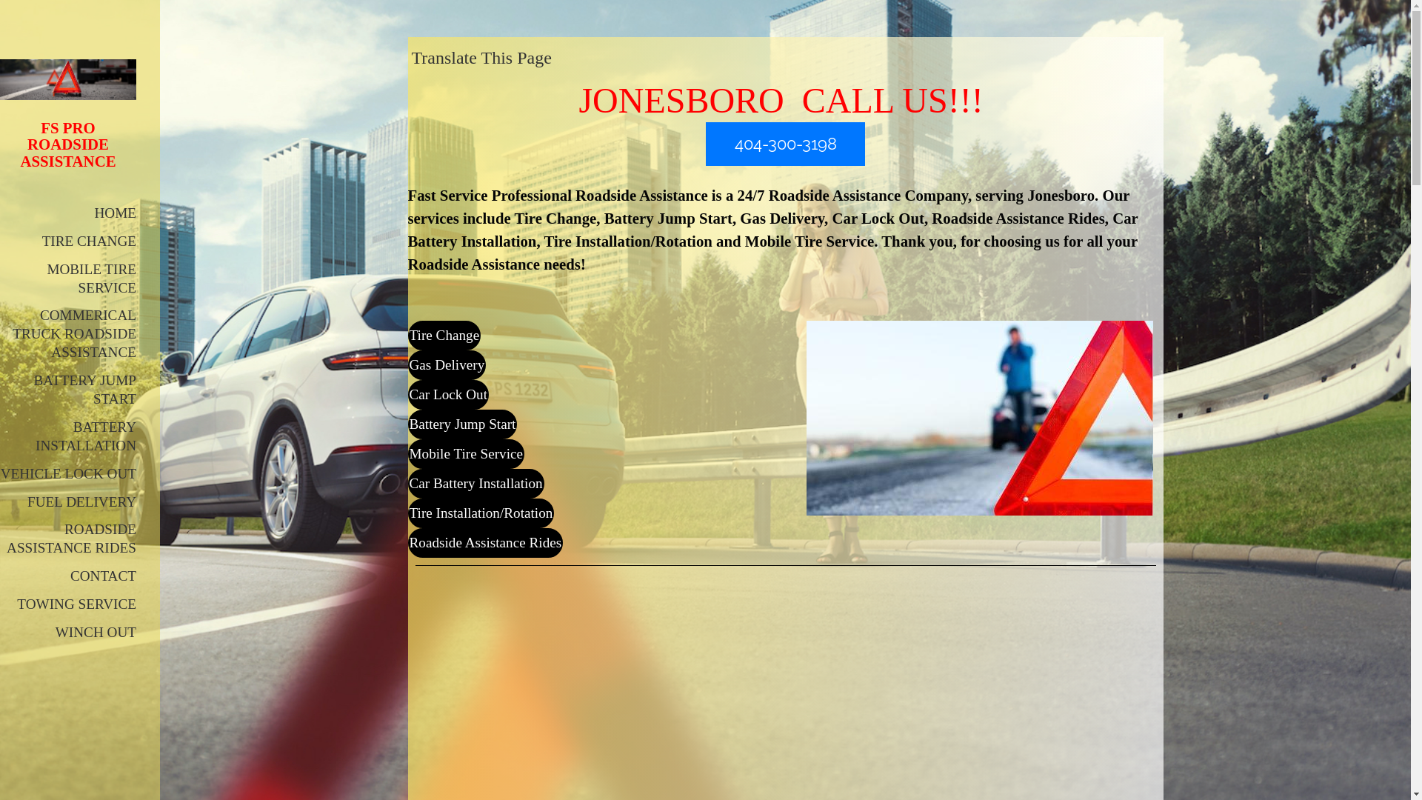  Describe the element at coordinates (407, 483) in the screenshot. I see `'Car Battery Installation'` at that location.